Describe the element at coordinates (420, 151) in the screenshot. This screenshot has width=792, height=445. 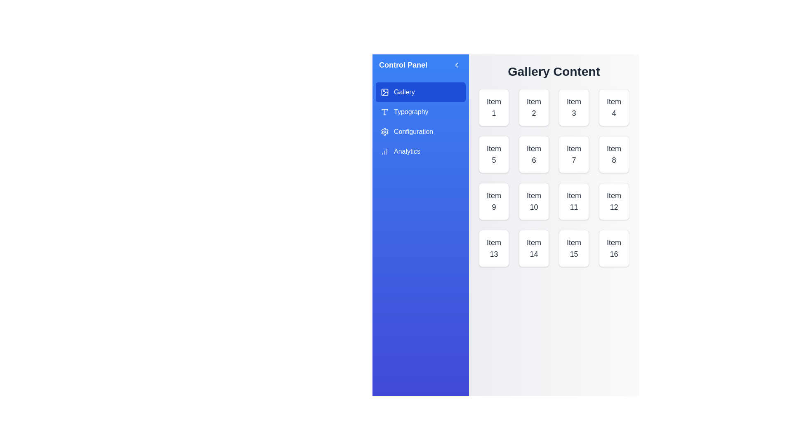
I see `the category Analytics from the menu` at that location.